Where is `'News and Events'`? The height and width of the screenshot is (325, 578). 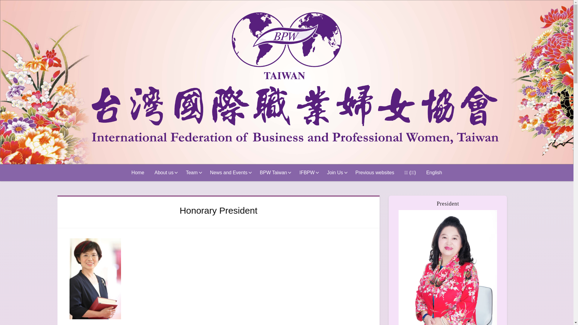
'News and Events' is located at coordinates (229, 173).